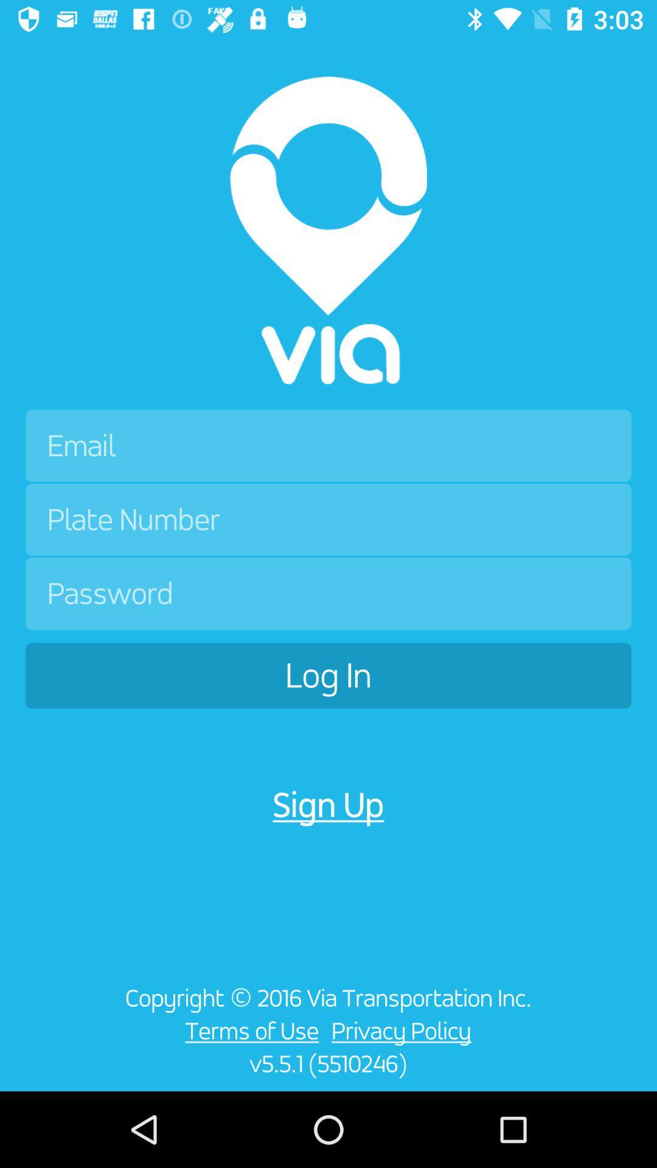 This screenshot has height=1168, width=657. I want to click on the terms of use, so click(248, 1030).